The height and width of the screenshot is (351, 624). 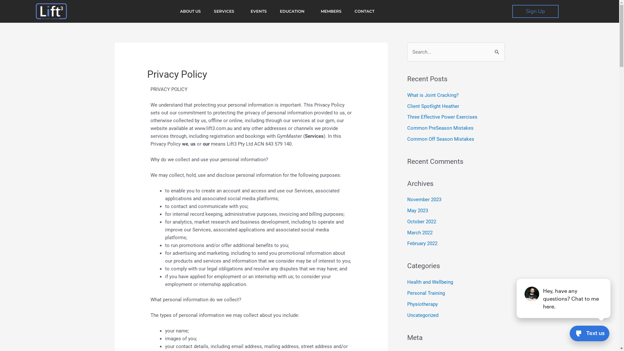 What do you see at coordinates (331, 11) in the screenshot?
I see `'MEMBERS'` at bounding box center [331, 11].